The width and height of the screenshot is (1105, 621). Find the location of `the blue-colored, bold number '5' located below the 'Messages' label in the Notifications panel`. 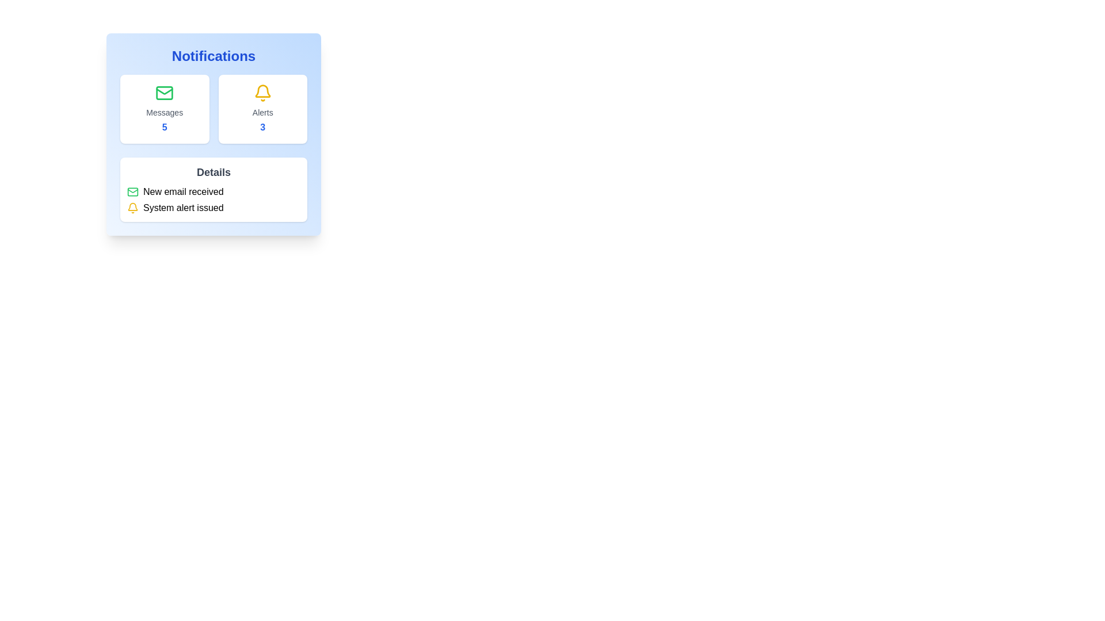

the blue-colored, bold number '5' located below the 'Messages' label in the Notifications panel is located at coordinates (164, 128).